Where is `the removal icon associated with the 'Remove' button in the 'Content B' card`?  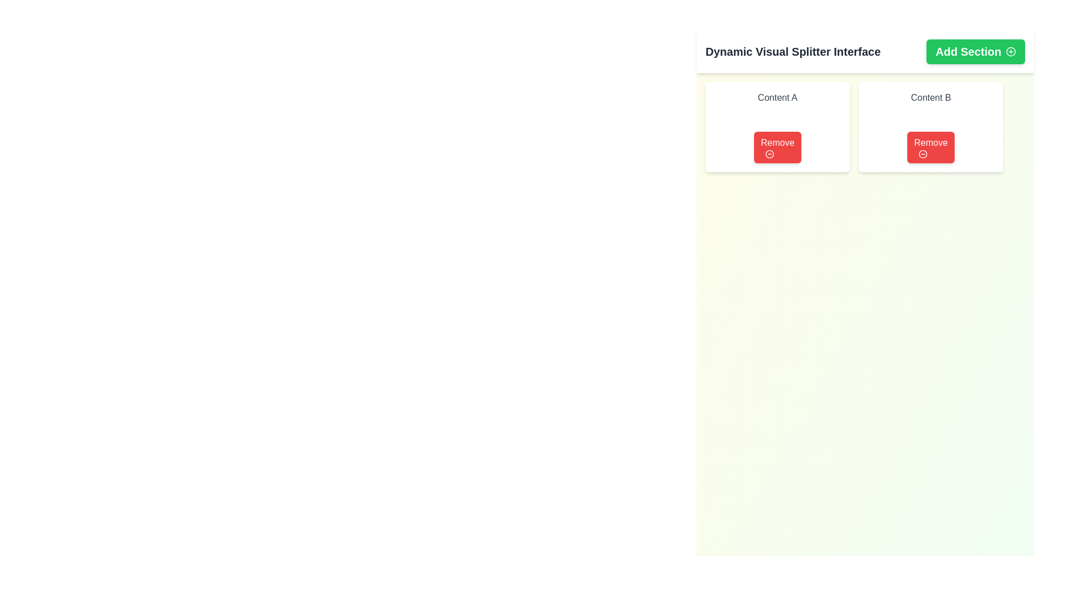 the removal icon associated with the 'Remove' button in the 'Content B' card is located at coordinates (923, 154).